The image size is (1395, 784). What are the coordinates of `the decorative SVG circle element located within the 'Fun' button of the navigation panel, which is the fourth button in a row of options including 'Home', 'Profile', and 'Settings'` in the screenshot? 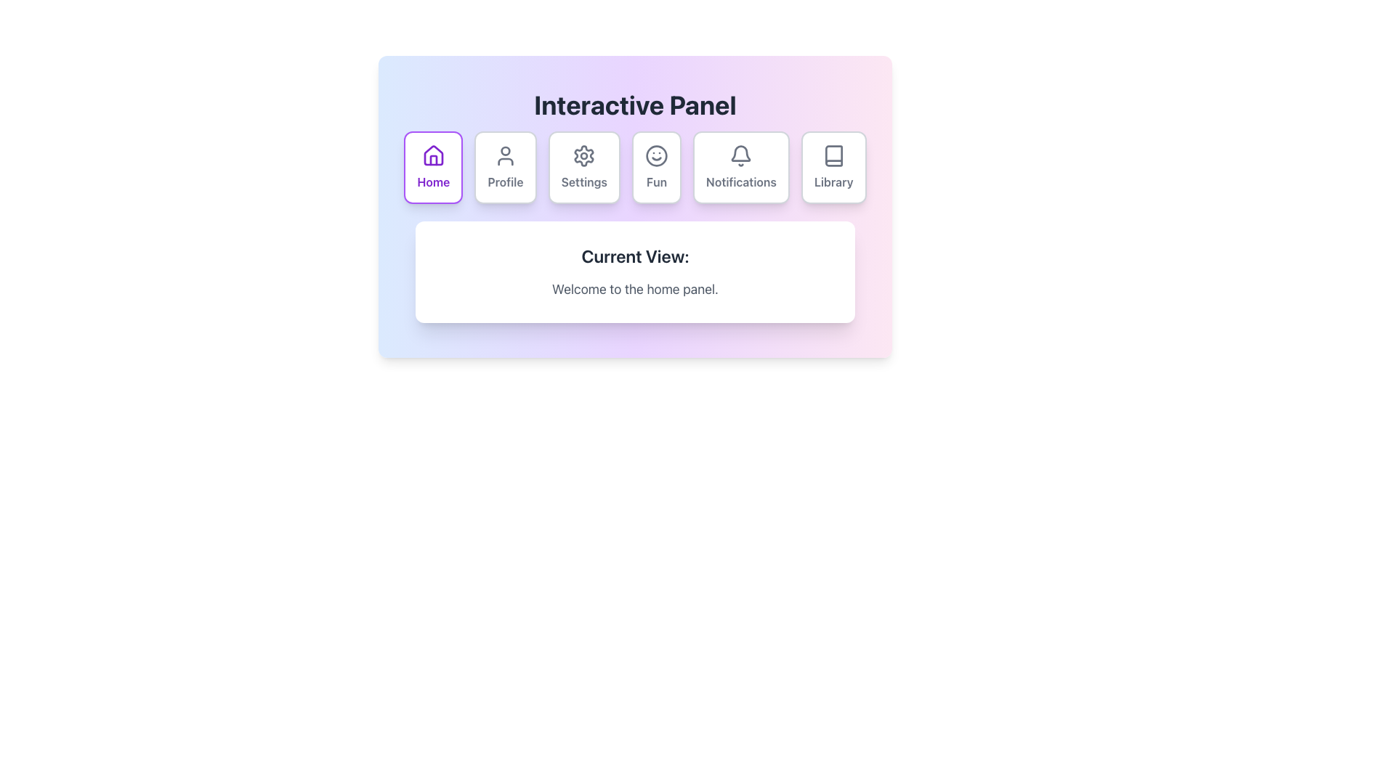 It's located at (655, 156).